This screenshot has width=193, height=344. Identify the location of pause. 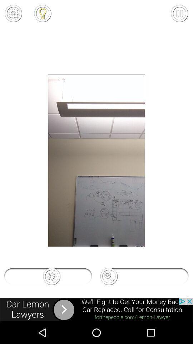
(179, 13).